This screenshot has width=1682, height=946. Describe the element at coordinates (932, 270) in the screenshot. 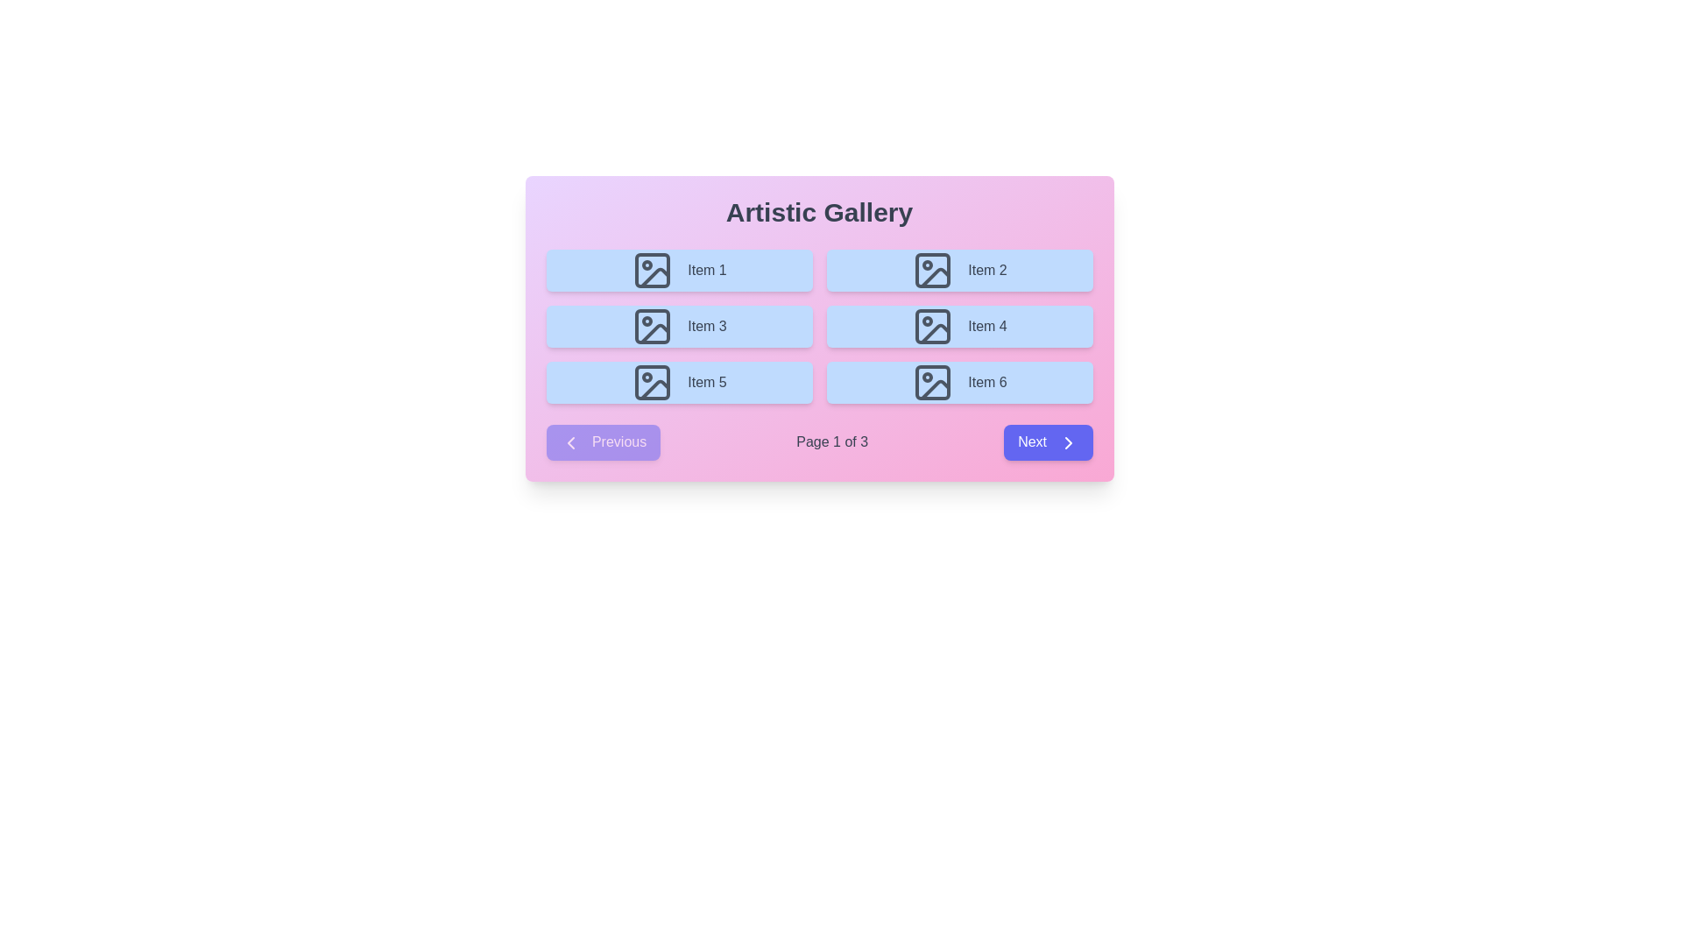

I see `the Decorative background for the icon element located within the button labeled 'Item 2' in the top-right corner of the grid` at that location.